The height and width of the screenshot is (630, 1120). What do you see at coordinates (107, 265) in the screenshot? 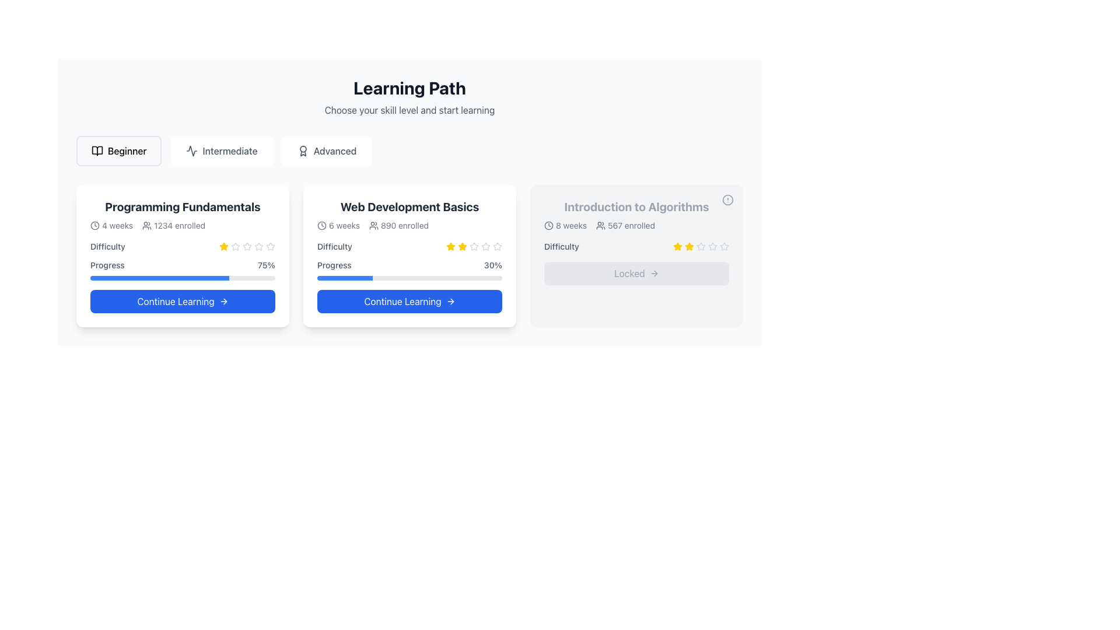
I see `the Text label that describes the meaning of the progress bar in the 'Programming Fundamentals' section, located above the progress bar and below the 'Difficulty' label` at bounding box center [107, 265].